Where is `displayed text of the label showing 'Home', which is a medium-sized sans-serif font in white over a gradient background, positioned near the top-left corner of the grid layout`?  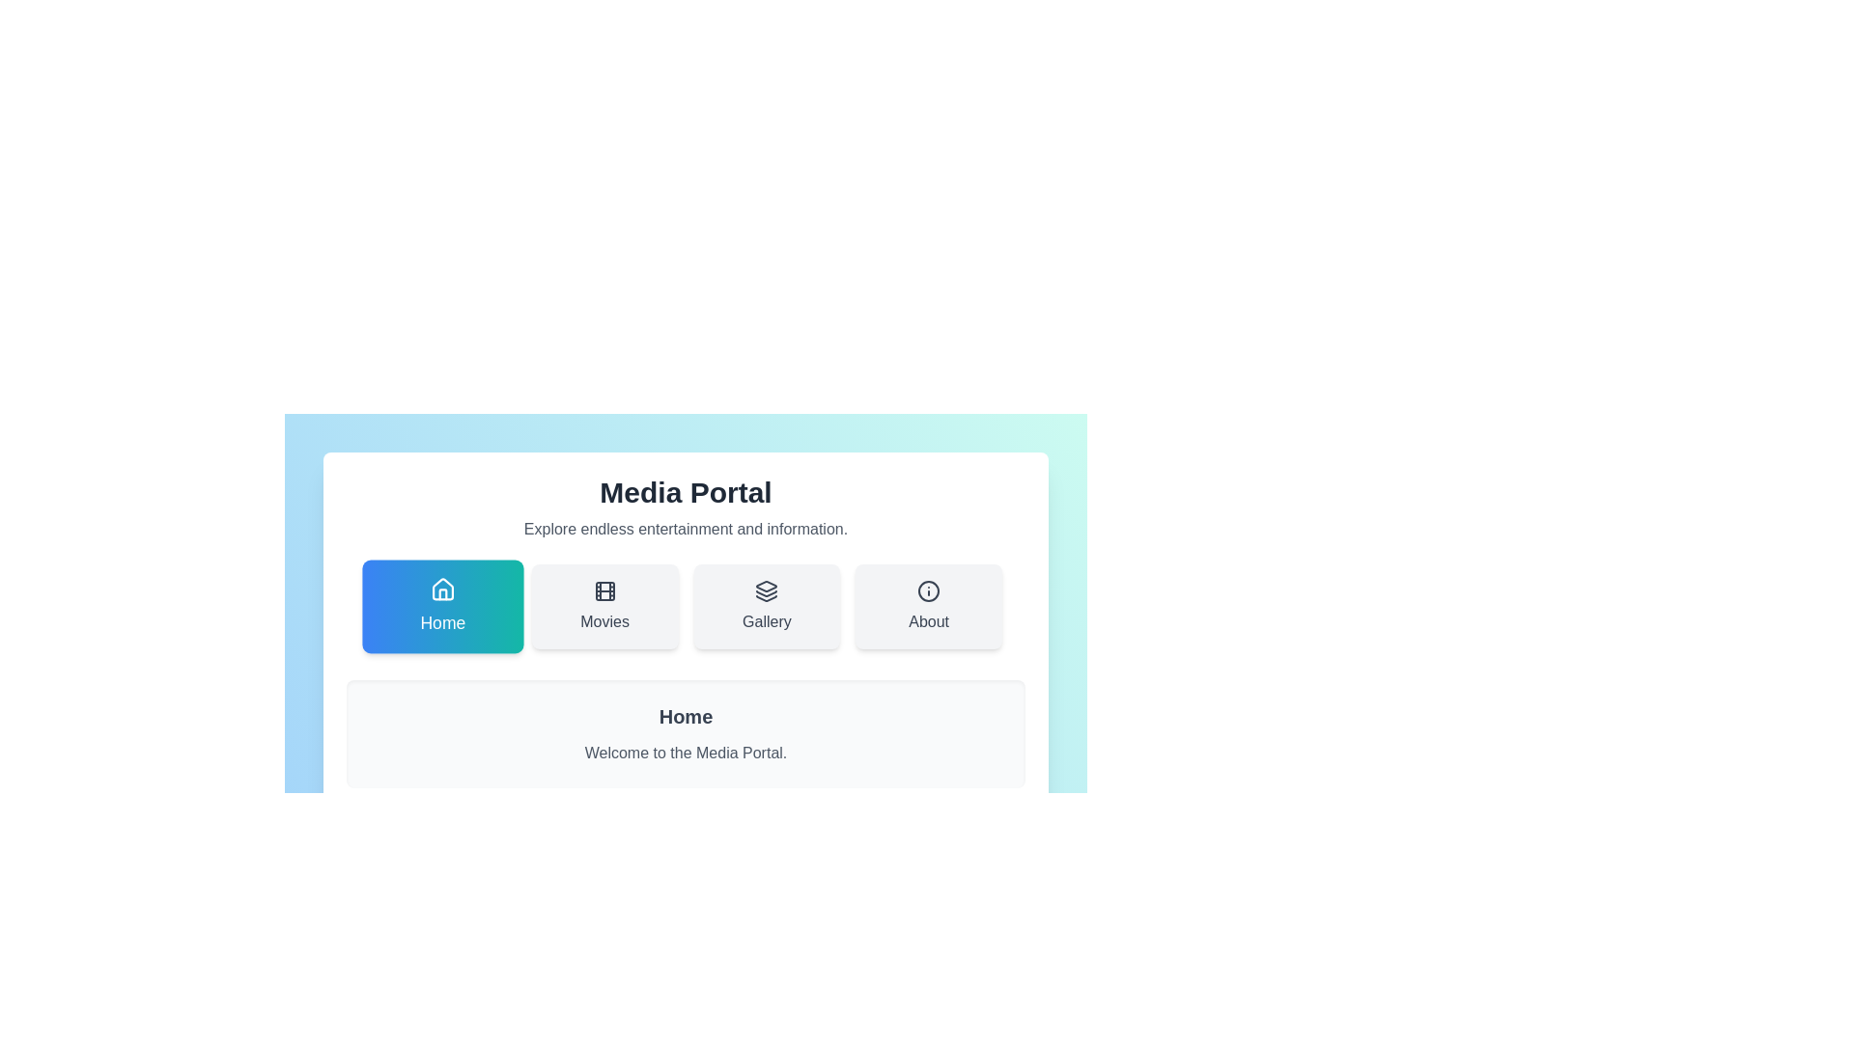
displayed text of the label showing 'Home', which is a medium-sized sans-serif font in white over a gradient background, positioned near the top-left corner of the grid layout is located at coordinates (441, 623).